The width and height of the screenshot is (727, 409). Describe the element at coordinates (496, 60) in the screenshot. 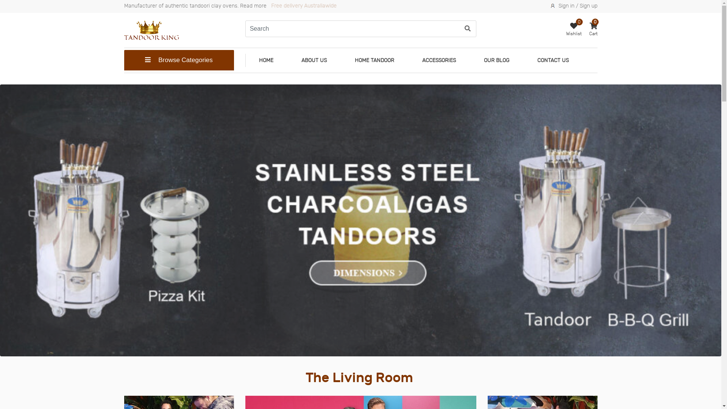

I see `'OUR BLOG'` at that location.